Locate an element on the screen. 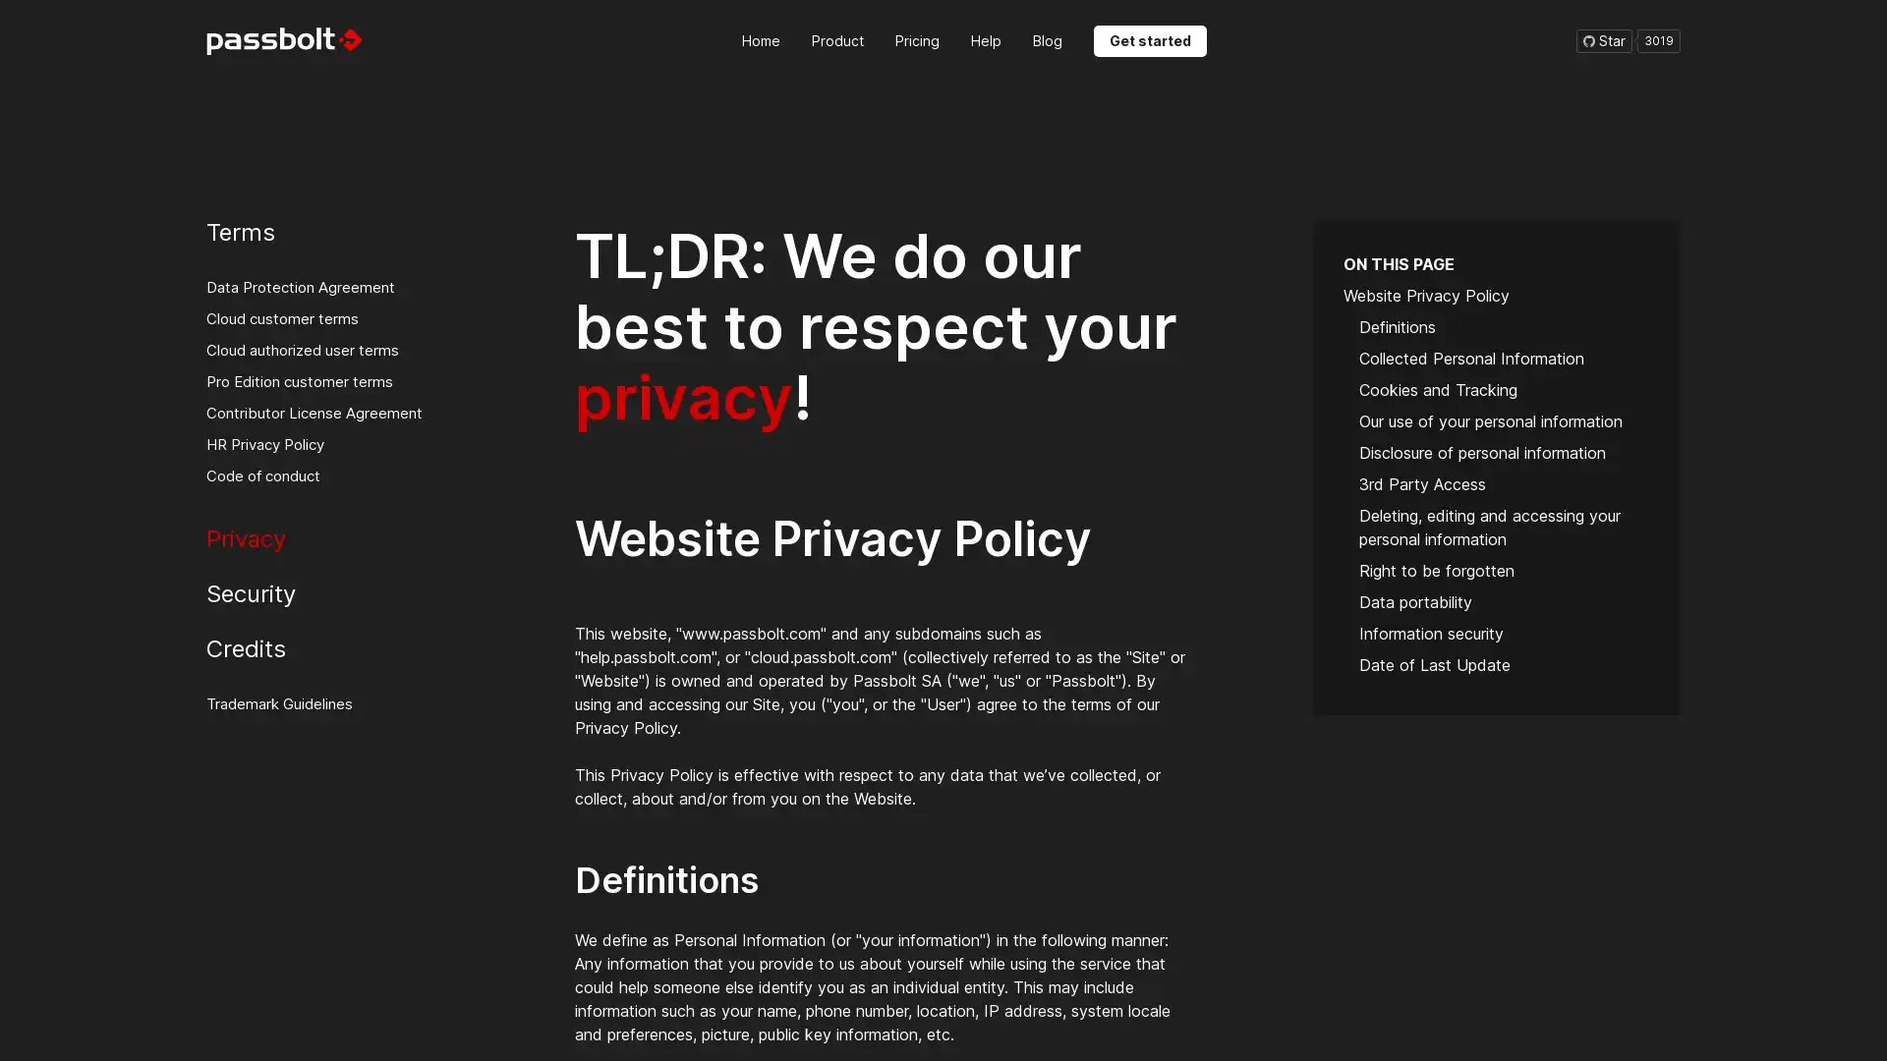  Get started is located at coordinates (1149, 40).